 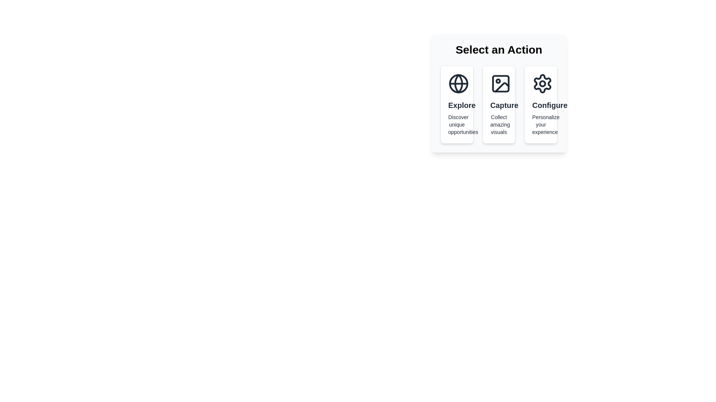 What do you see at coordinates (502, 87) in the screenshot?
I see `the third icon representing the 'Capture' action, which symbolizes photography or image collection` at bounding box center [502, 87].